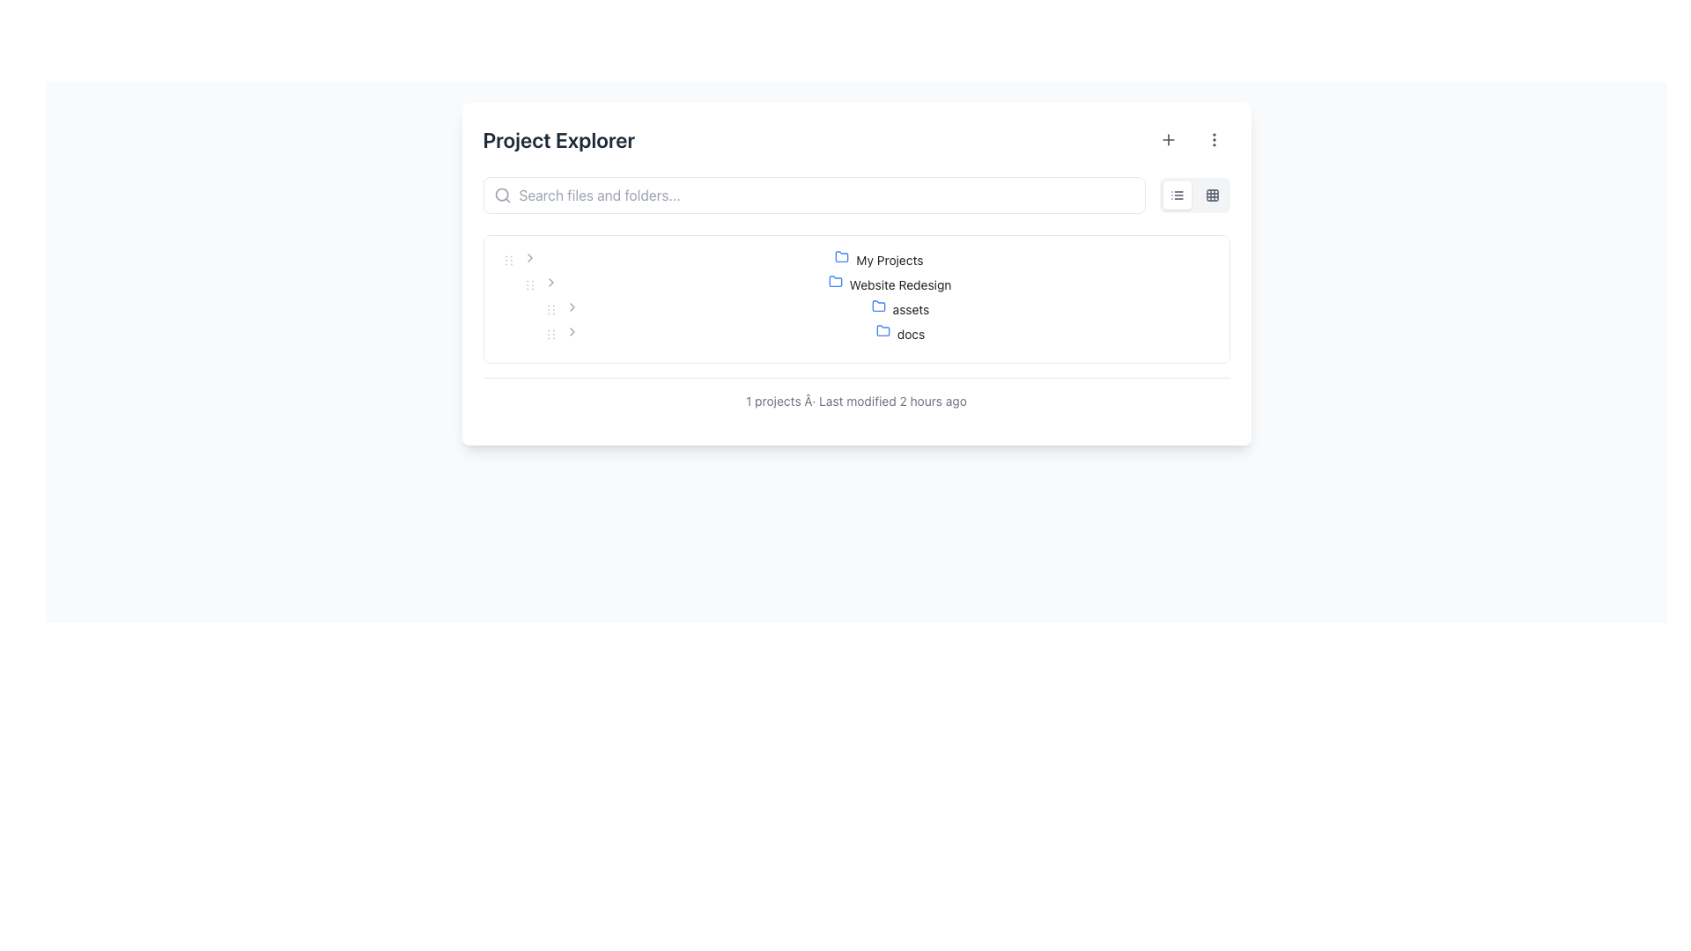  Describe the element at coordinates (856, 308) in the screenshot. I see `the 'assets' folder node, which is a tree item under the 'Website Redesign' node` at that location.